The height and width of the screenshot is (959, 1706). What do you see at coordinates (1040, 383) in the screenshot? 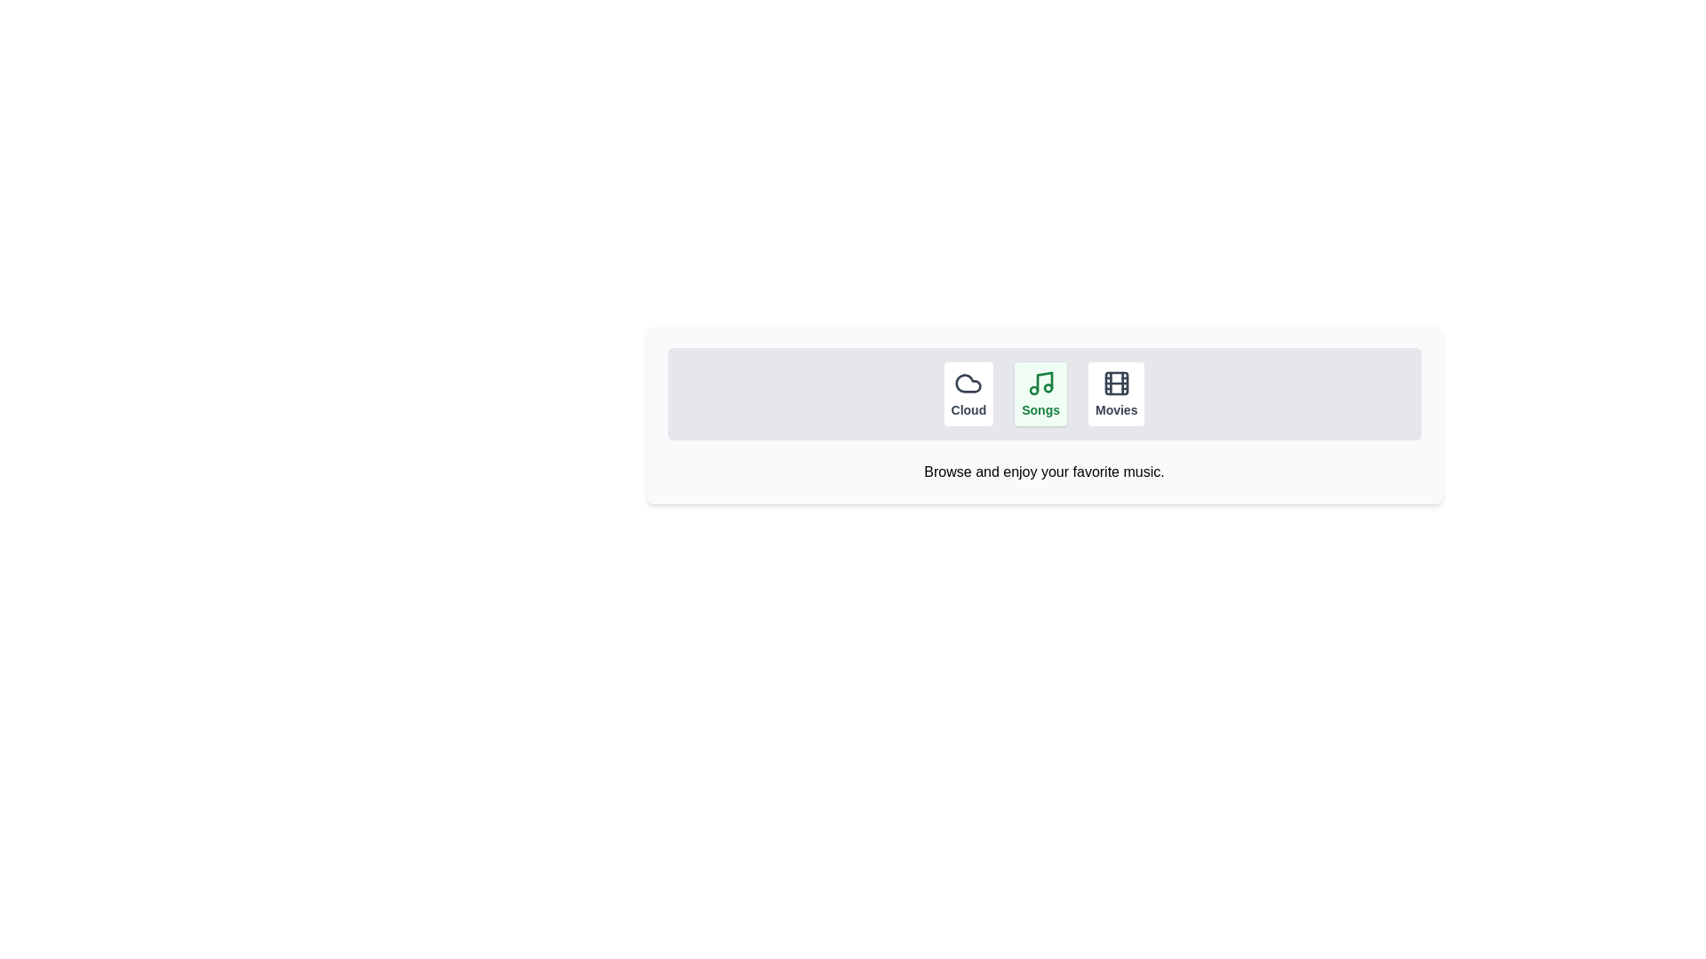
I see `the 'Songs' icon located above the 'Songs' text label in the green-highlighted card, positioned in the middle of the three options ('Cloud', 'Songs', 'Movies')` at bounding box center [1040, 383].